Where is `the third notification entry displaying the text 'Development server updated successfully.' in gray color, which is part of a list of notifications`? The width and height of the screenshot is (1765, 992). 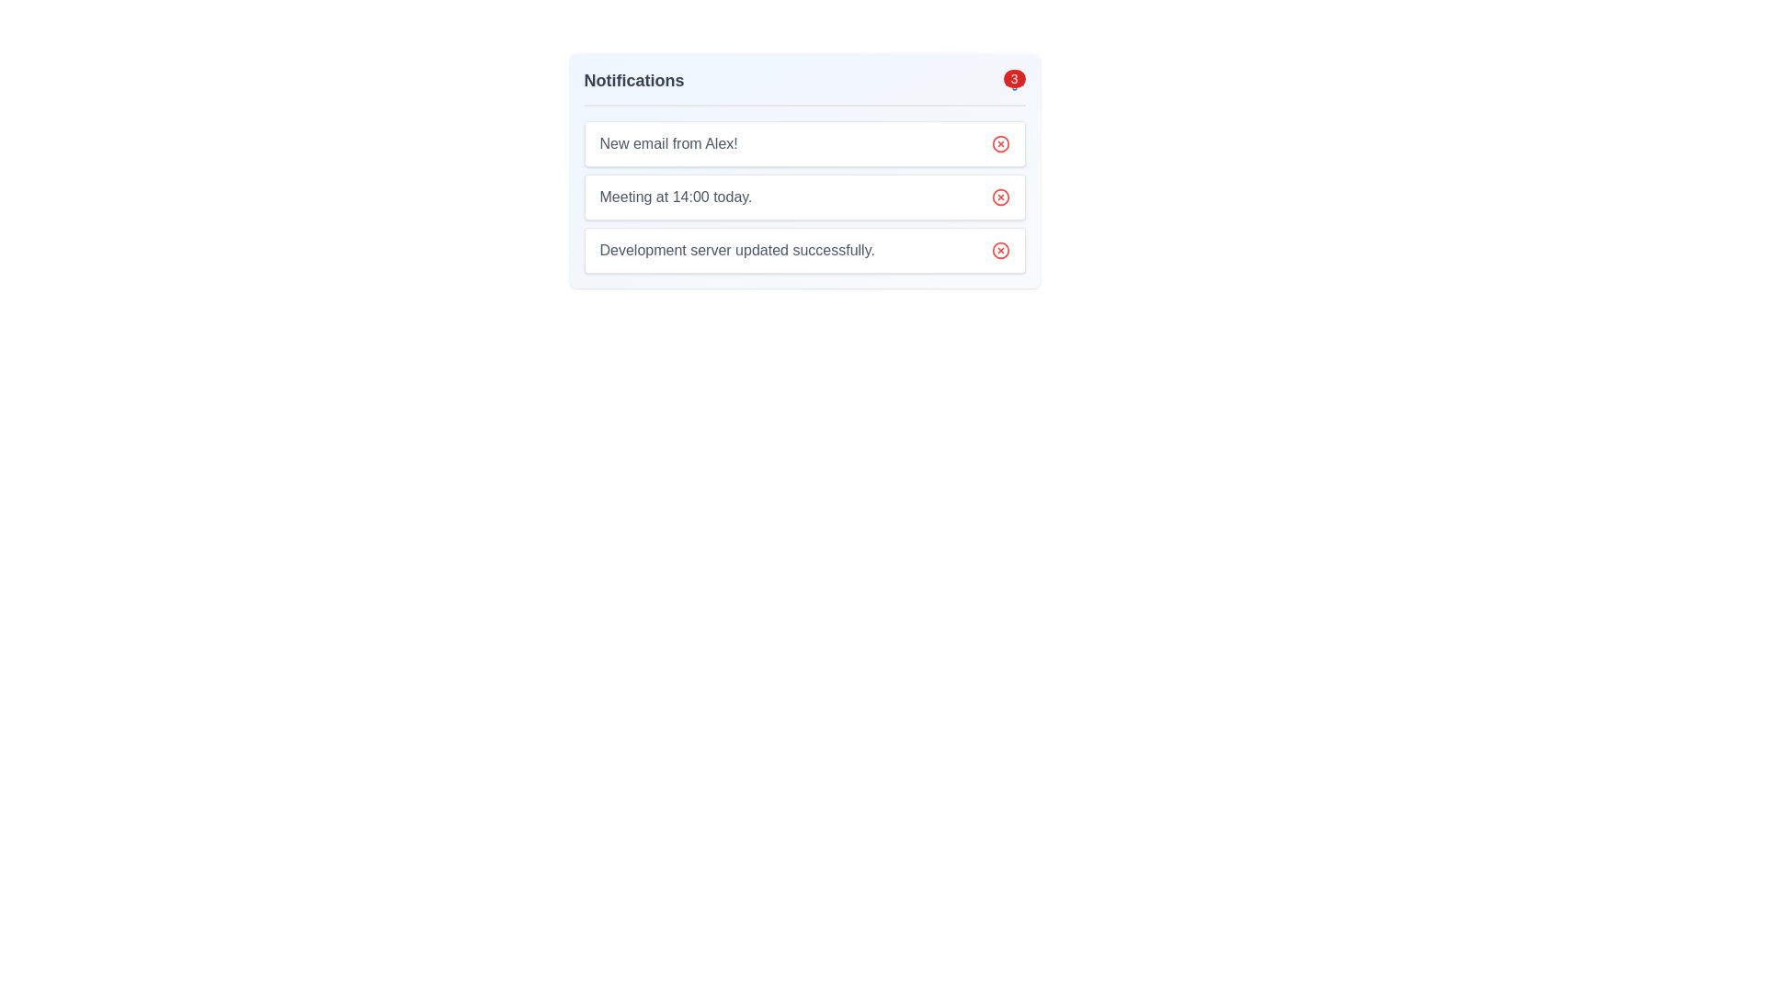
the third notification entry displaying the text 'Development server updated successfully.' in gray color, which is part of a list of notifications is located at coordinates (737, 251).